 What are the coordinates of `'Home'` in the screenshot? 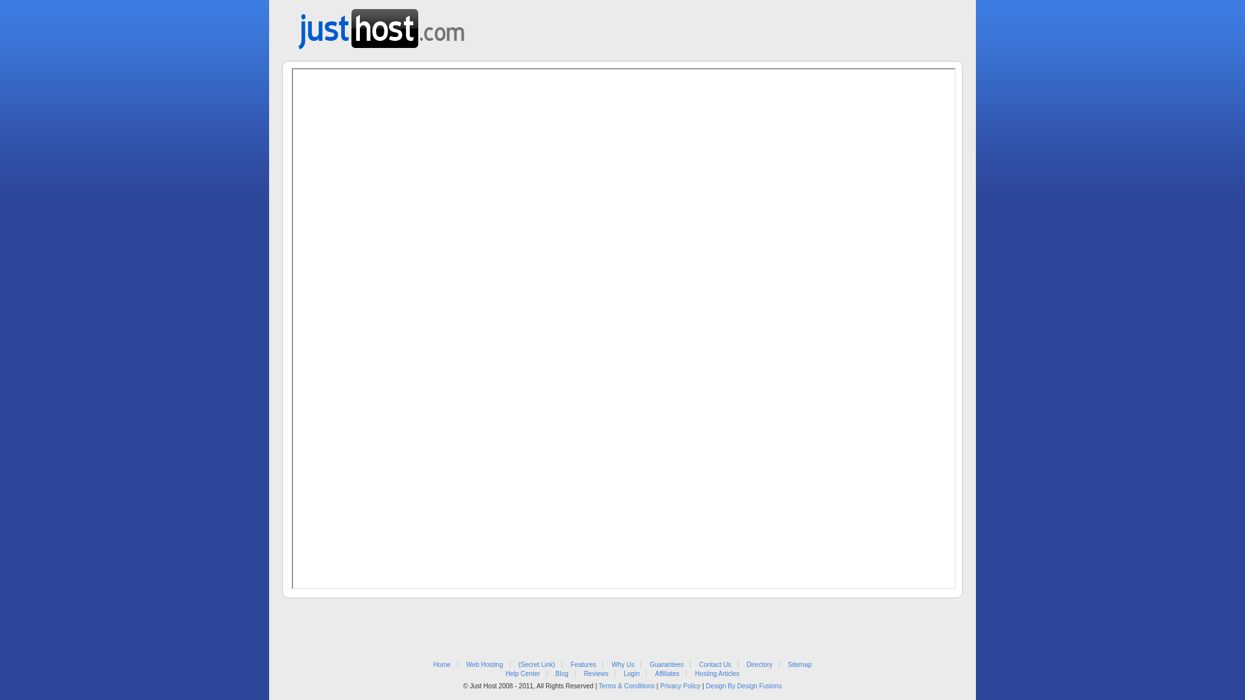 It's located at (433, 664).